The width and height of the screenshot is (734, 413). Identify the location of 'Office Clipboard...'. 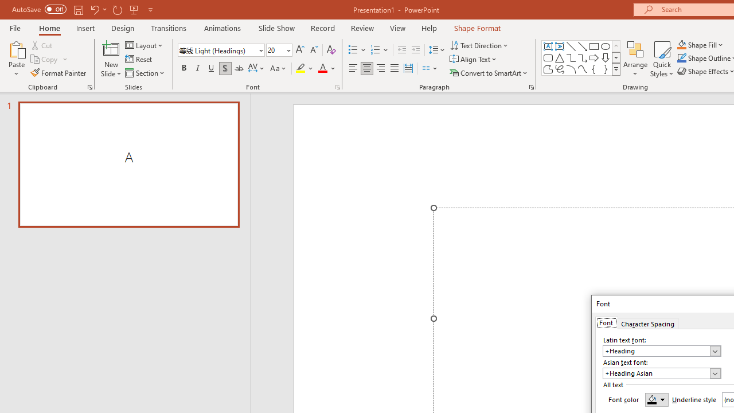
(89, 86).